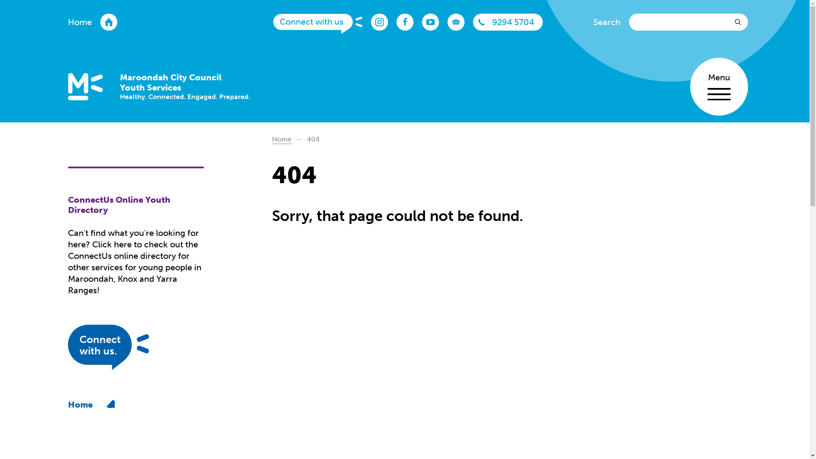 The width and height of the screenshot is (816, 459). What do you see at coordinates (508, 21) in the screenshot?
I see `'   9294 5704  '` at bounding box center [508, 21].